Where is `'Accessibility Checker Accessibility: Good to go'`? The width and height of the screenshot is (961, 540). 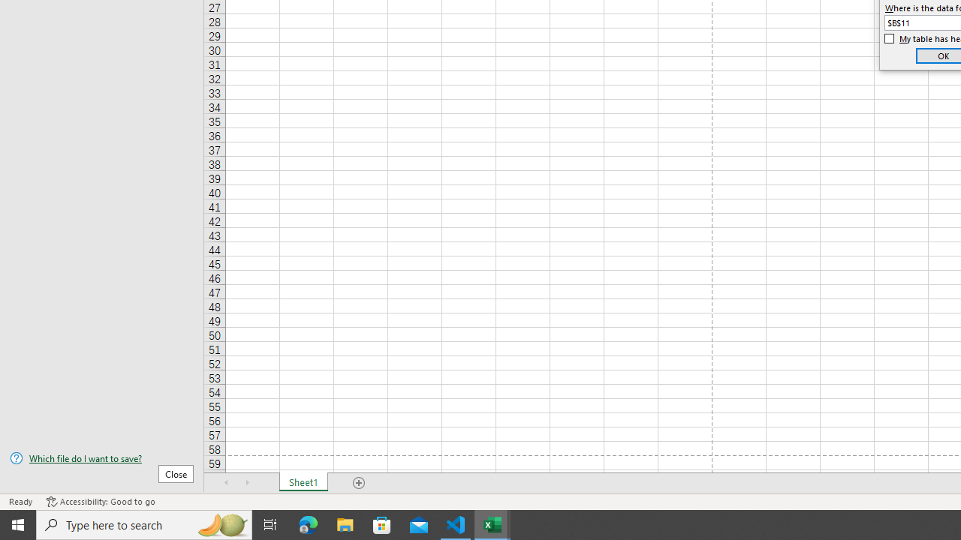 'Accessibility Checker Accessibility: Good to go' is located at coordinates (100, 502).